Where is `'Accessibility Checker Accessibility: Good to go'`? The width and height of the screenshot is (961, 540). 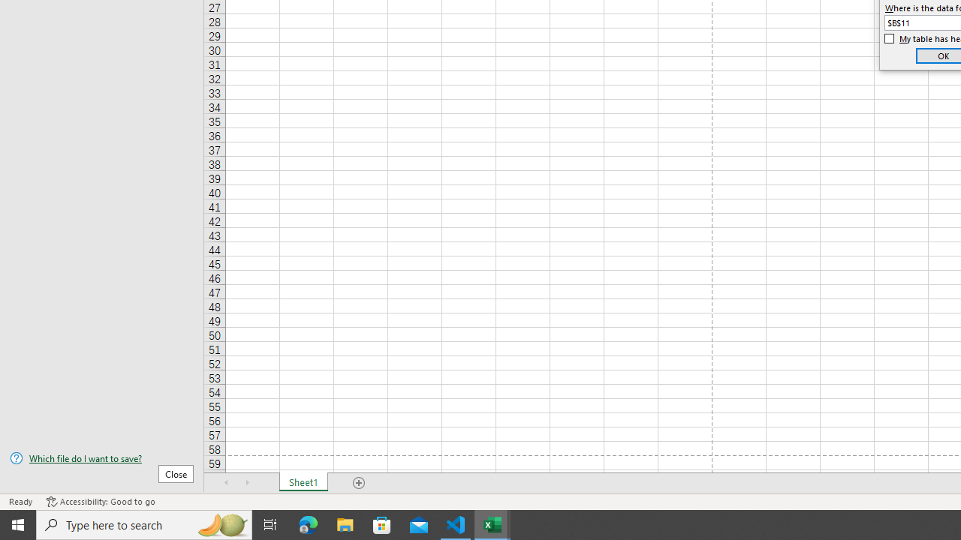 'Accessibility Checker Accessibility: Good to go' is located at coordinates (100, 502).